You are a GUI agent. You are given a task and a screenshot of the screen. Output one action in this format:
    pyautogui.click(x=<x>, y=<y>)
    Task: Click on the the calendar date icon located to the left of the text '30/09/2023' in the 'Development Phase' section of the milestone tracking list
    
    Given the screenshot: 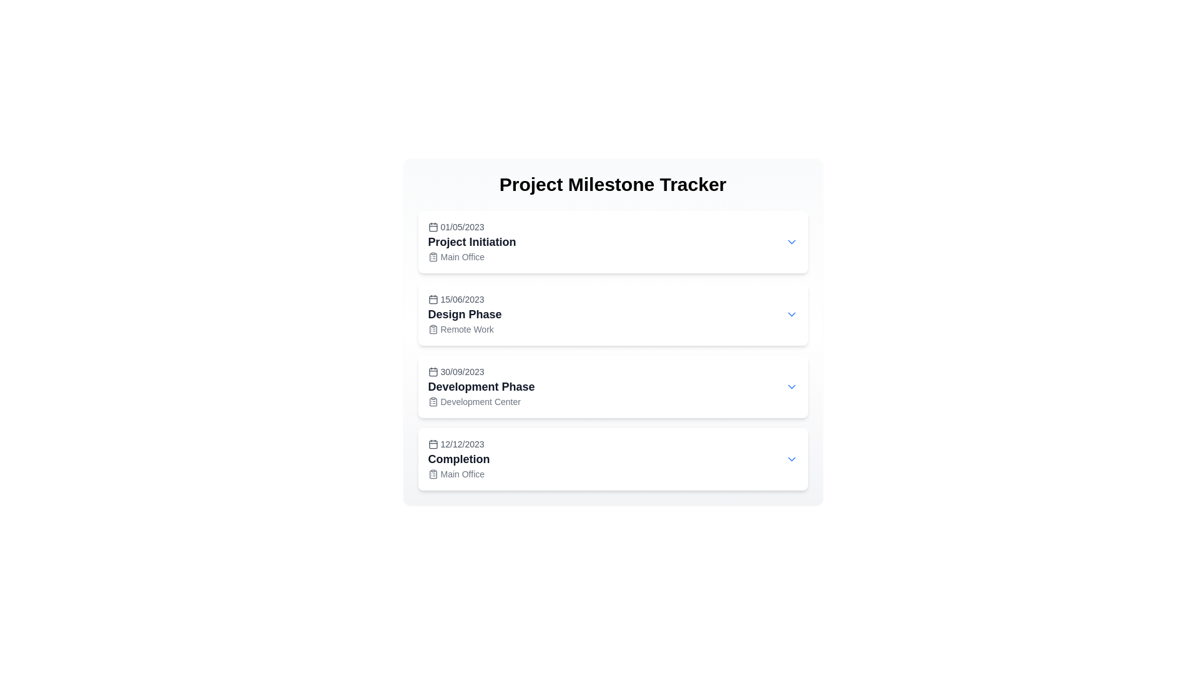 What is the action you would take?
    pyautogui.click(x=433, y=371)
    